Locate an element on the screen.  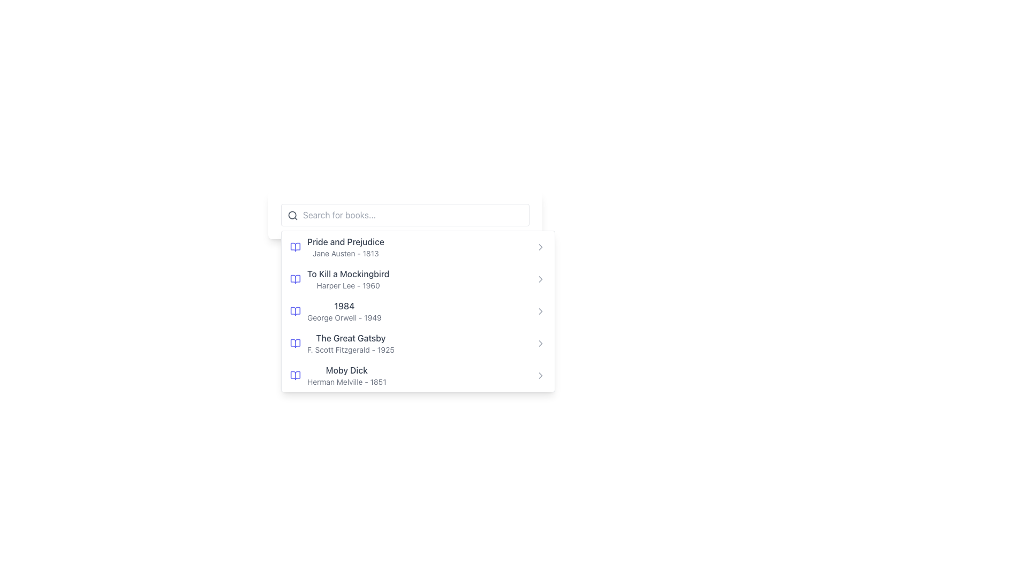
the gray search icon (magnifying glass) located at the top-left corner of the search input field to initiate a search is located at coordinates (293, 215).